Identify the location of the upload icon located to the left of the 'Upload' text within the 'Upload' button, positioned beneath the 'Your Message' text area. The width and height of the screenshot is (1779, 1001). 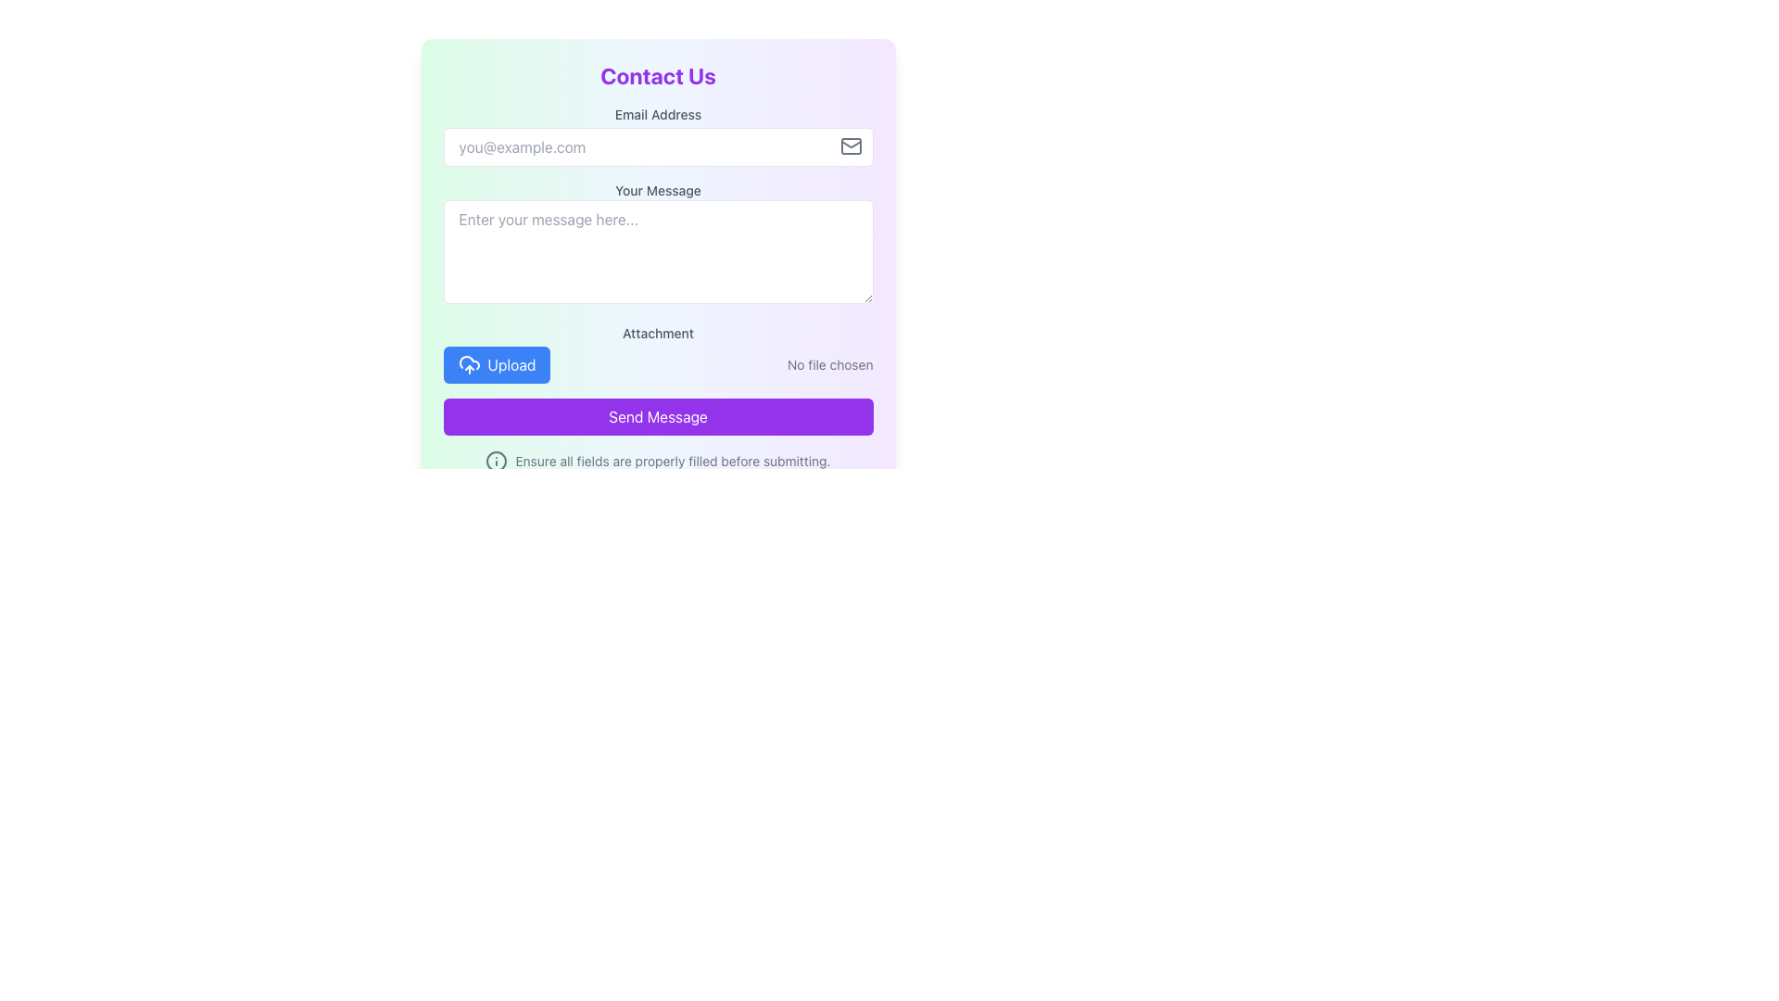
(469, 364).